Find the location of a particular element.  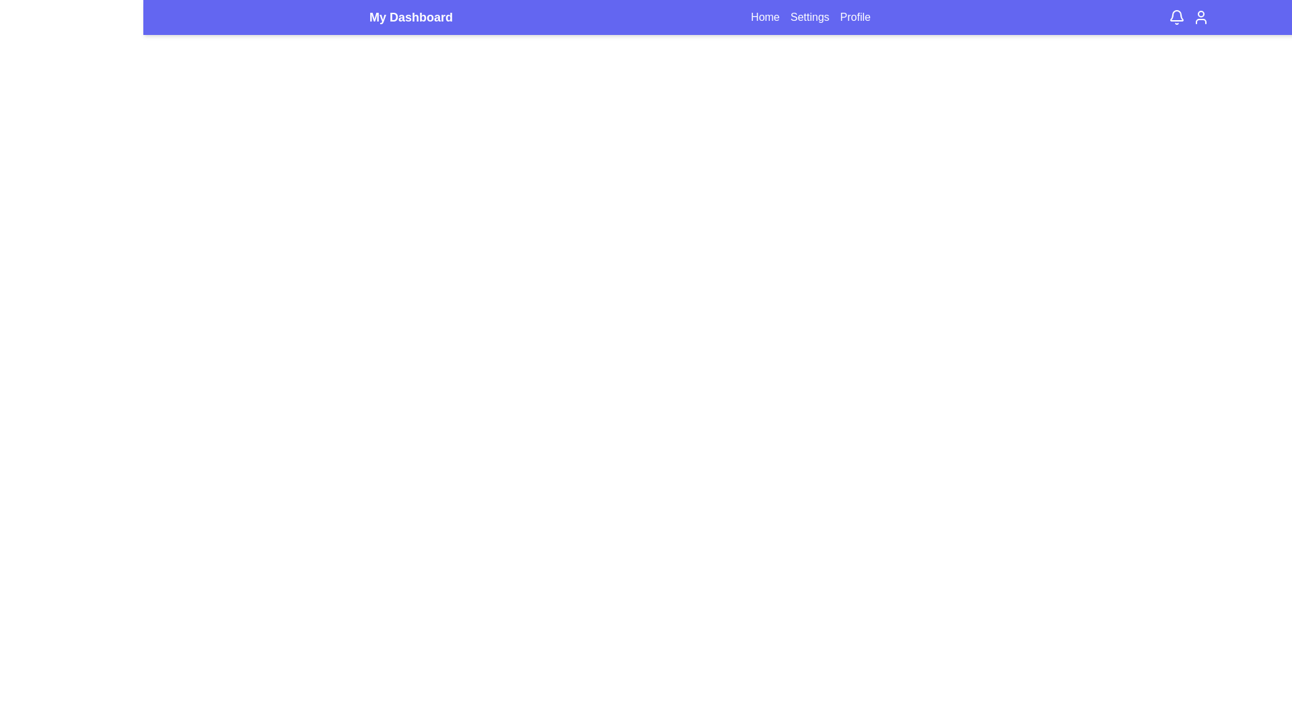

the navigational text link located in the top navigation bar to change its color is located at coordinates (765, 17).